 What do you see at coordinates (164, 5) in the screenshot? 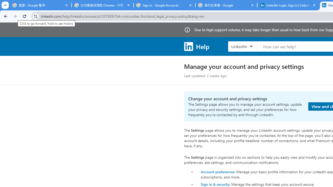
I see `'Sign in - Google Accounts'` at bounding box center [164, 5].